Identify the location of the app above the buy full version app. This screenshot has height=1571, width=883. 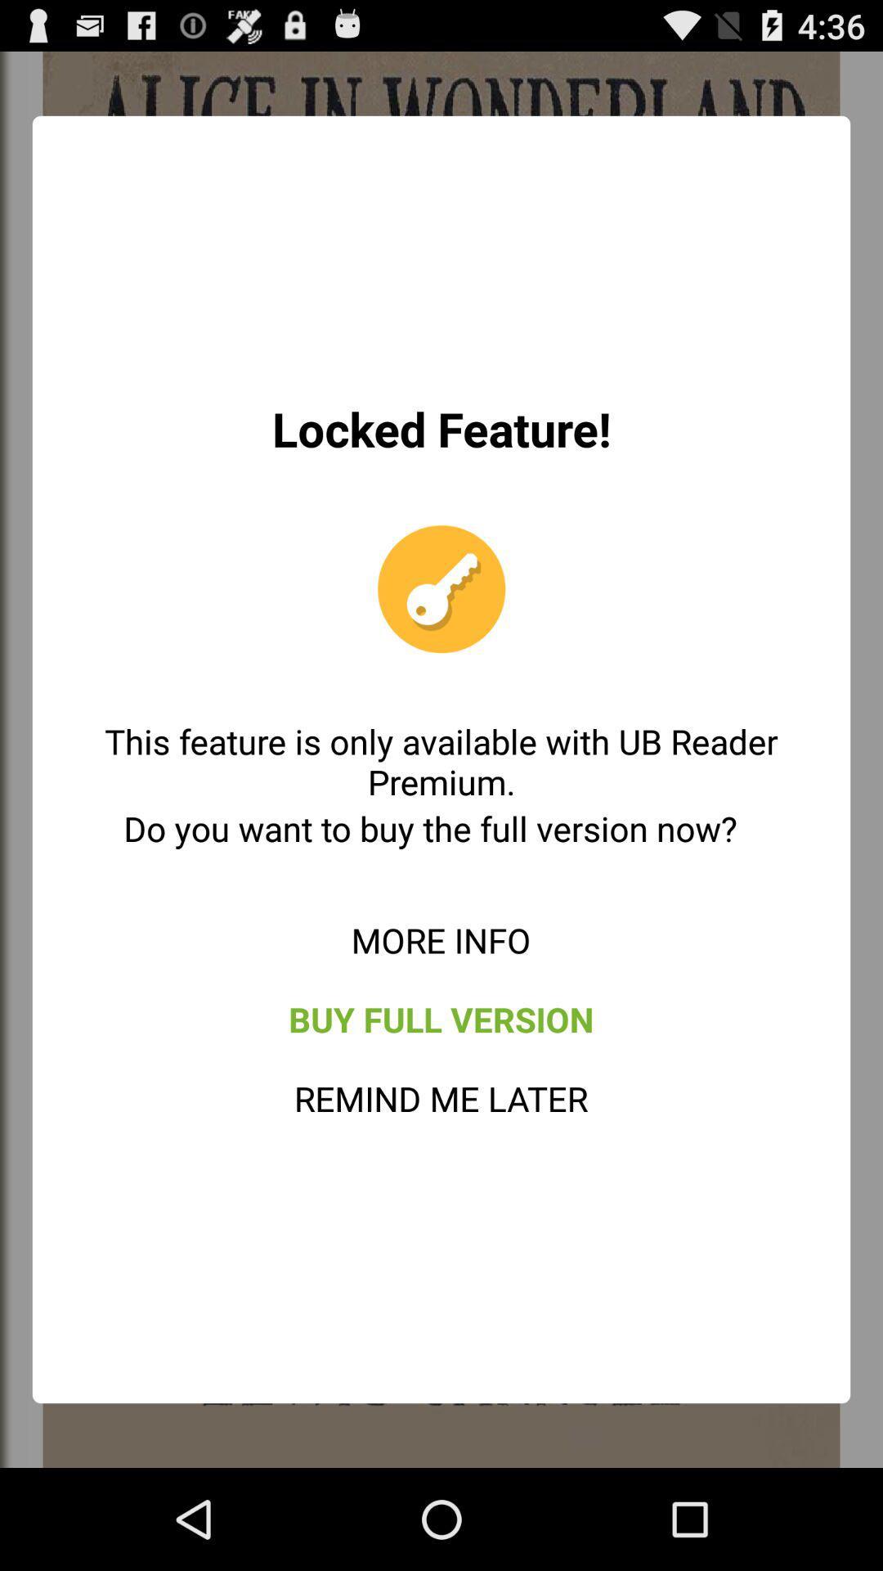
(440, 939).